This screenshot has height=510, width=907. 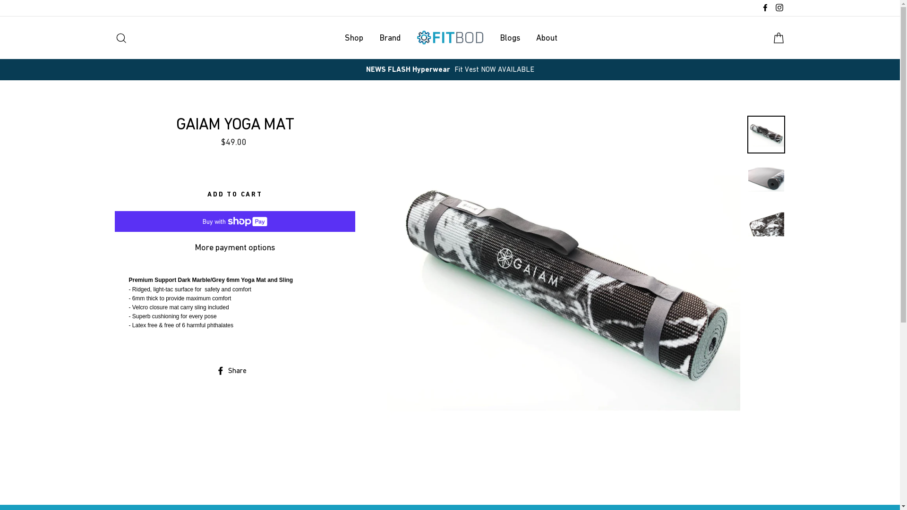 I want to click on 'About', so click(x=547, y=37).